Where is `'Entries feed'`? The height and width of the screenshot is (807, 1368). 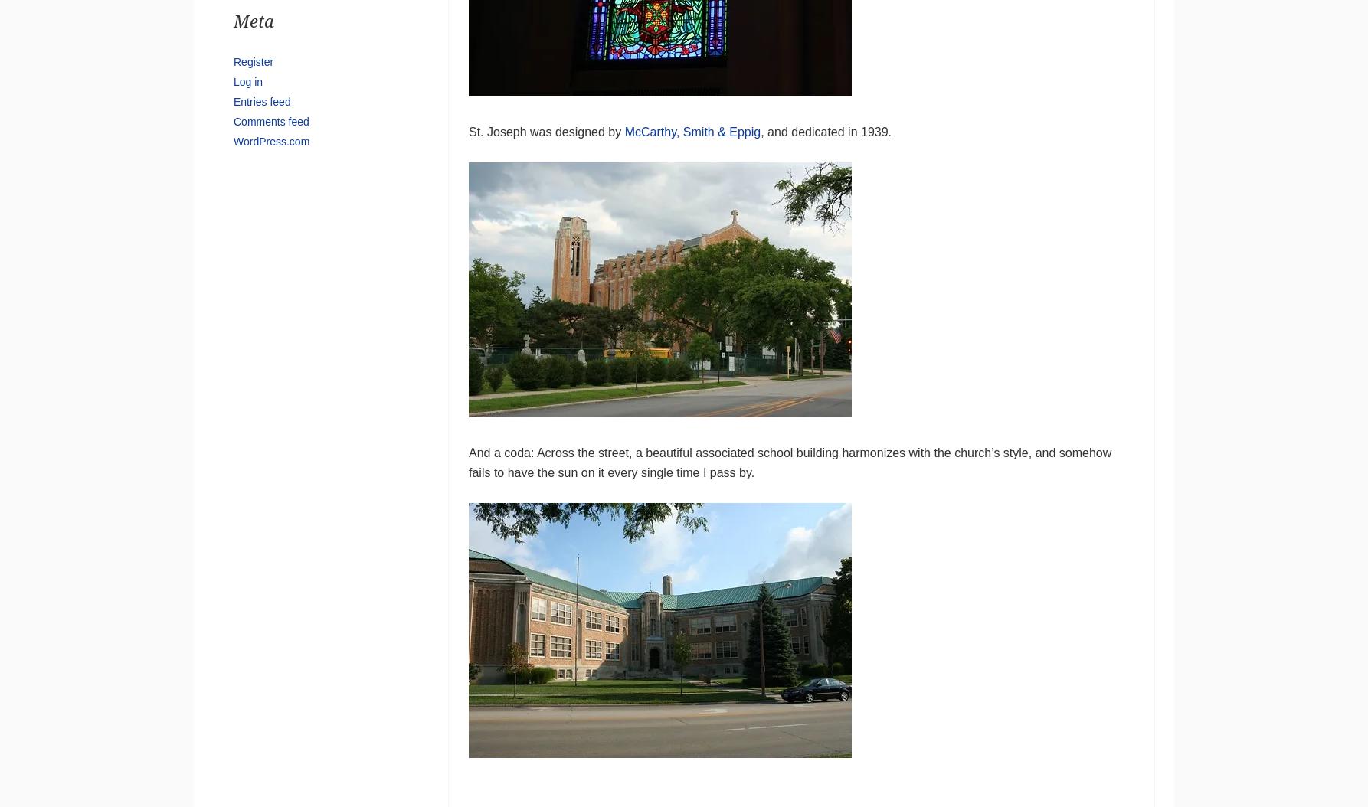 'Entries feed' is located at coordinates (261, 100).